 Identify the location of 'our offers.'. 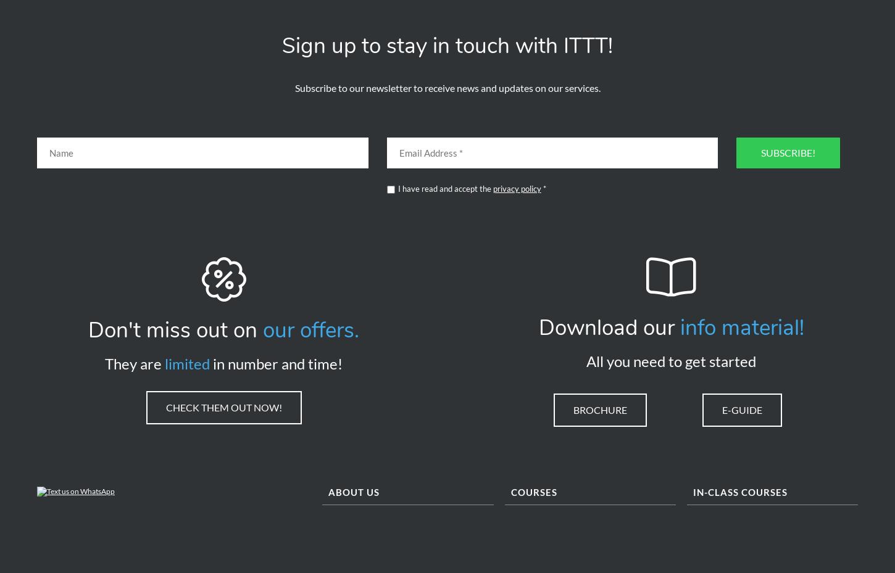
(311, 334).